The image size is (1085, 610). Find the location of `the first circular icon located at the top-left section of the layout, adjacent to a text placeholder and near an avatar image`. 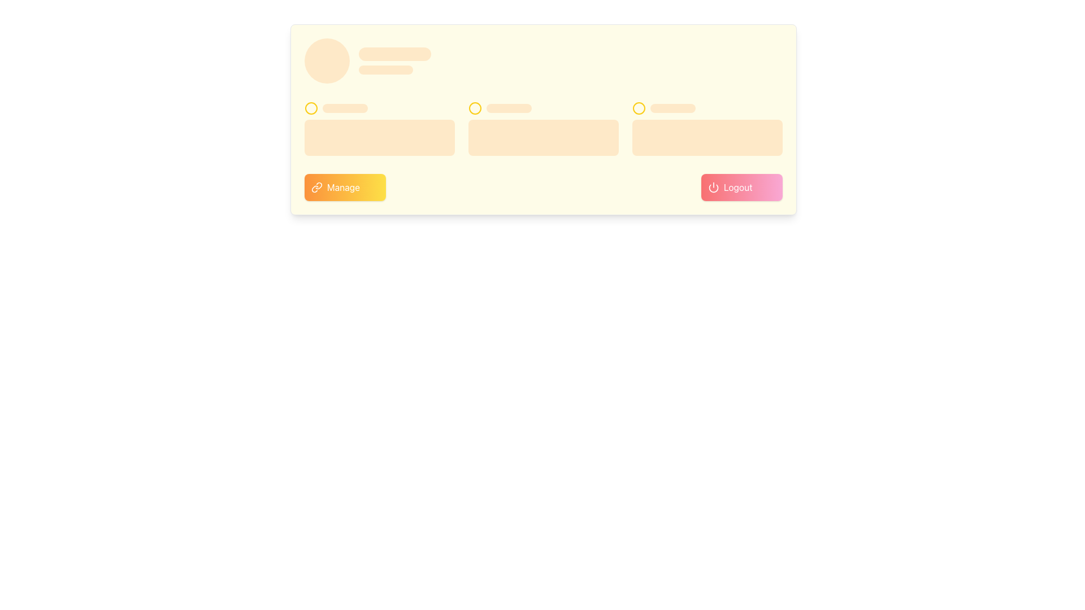

the first circular icon located at the top-left section of the layout, adjacent to a text placeholder and near an avatar image is located at coordinates (311, 108).